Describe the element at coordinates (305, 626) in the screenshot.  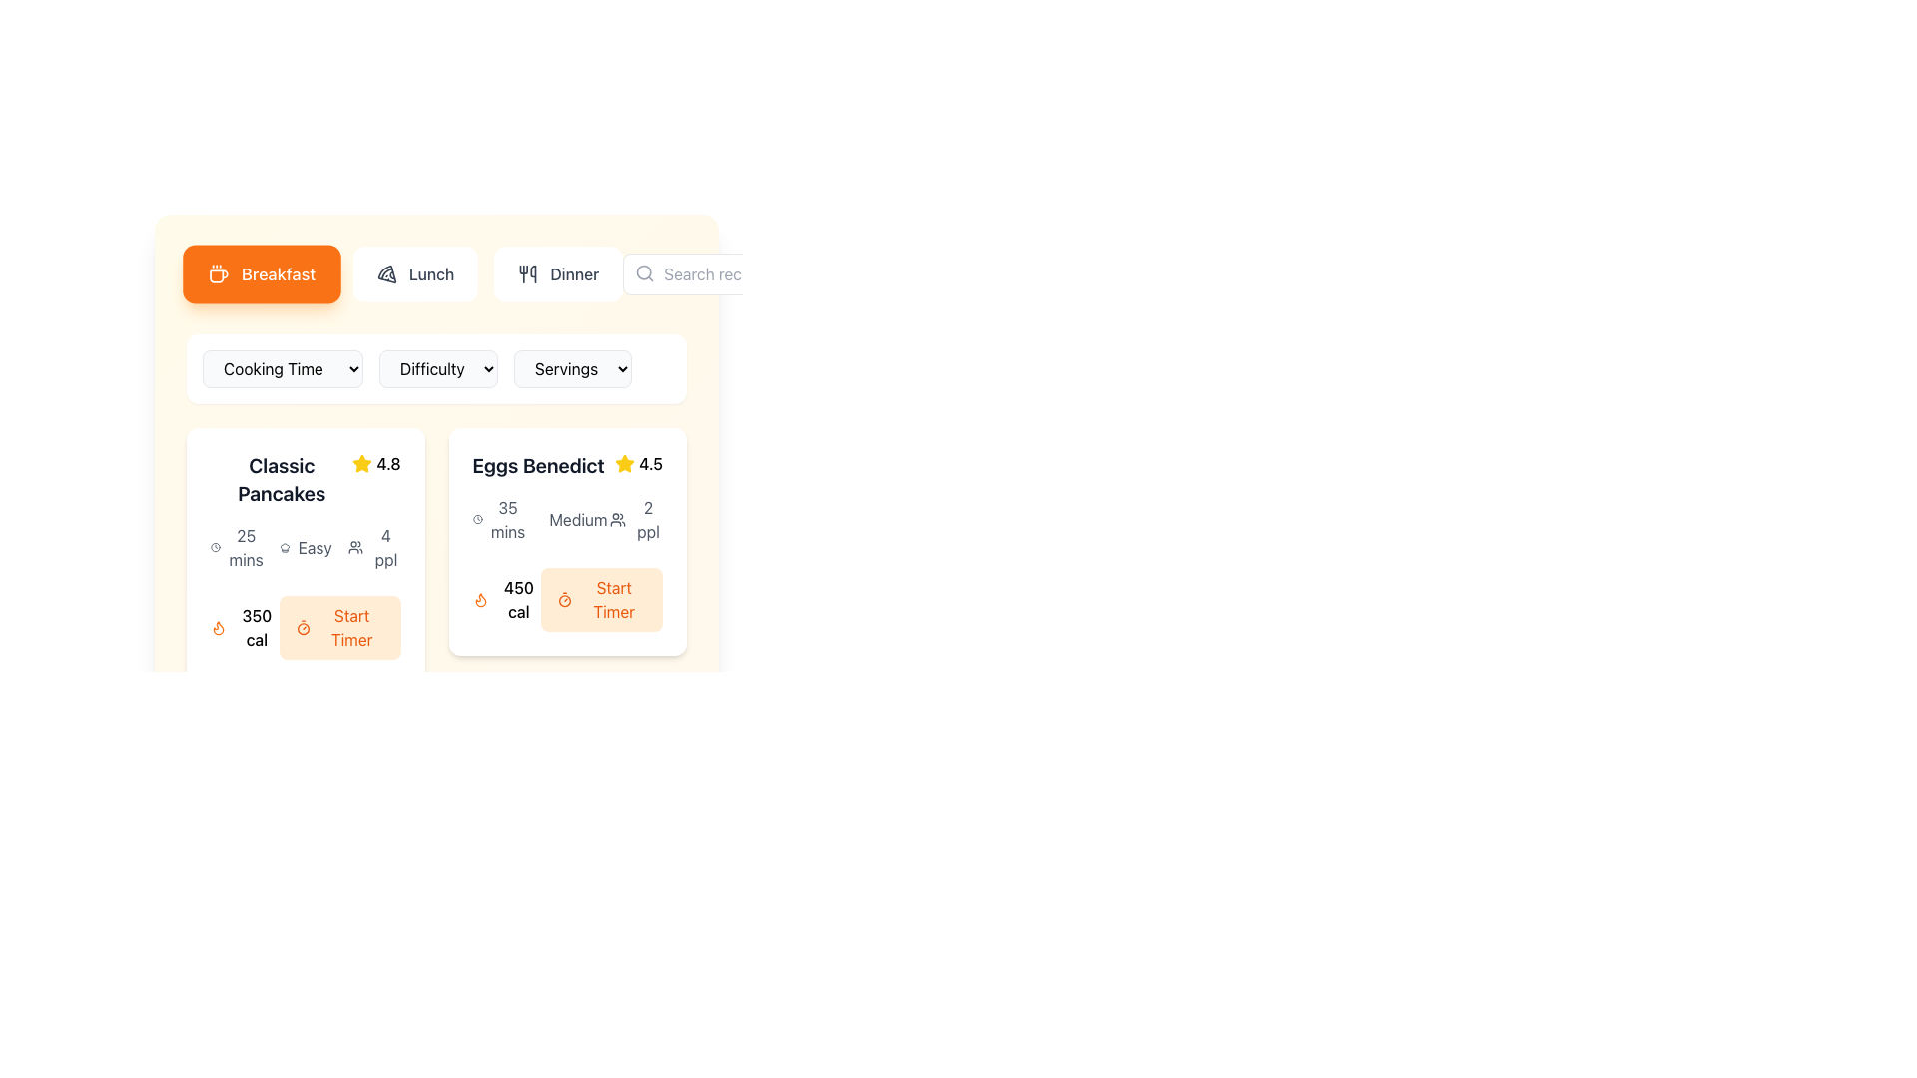
I see `the 'Start Timer' button, which has a rounded orange background and is located at the bottom-right of the 'Classic Pancakes' card` at that location.